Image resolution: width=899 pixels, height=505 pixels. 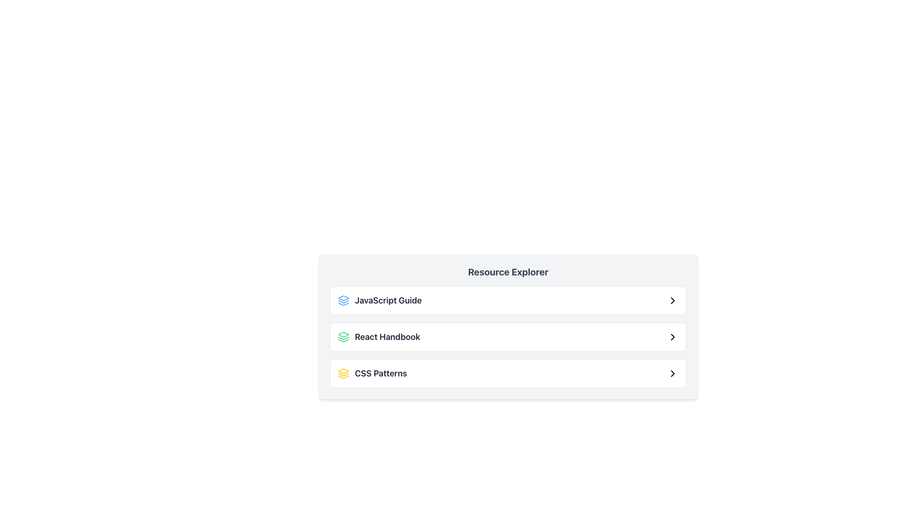 I want to click on the 'JavaScript Guide' element, which is represented by an icon and a textual label at the top-left corner of the list, to initiate navigation, so click(x=380, y=301).